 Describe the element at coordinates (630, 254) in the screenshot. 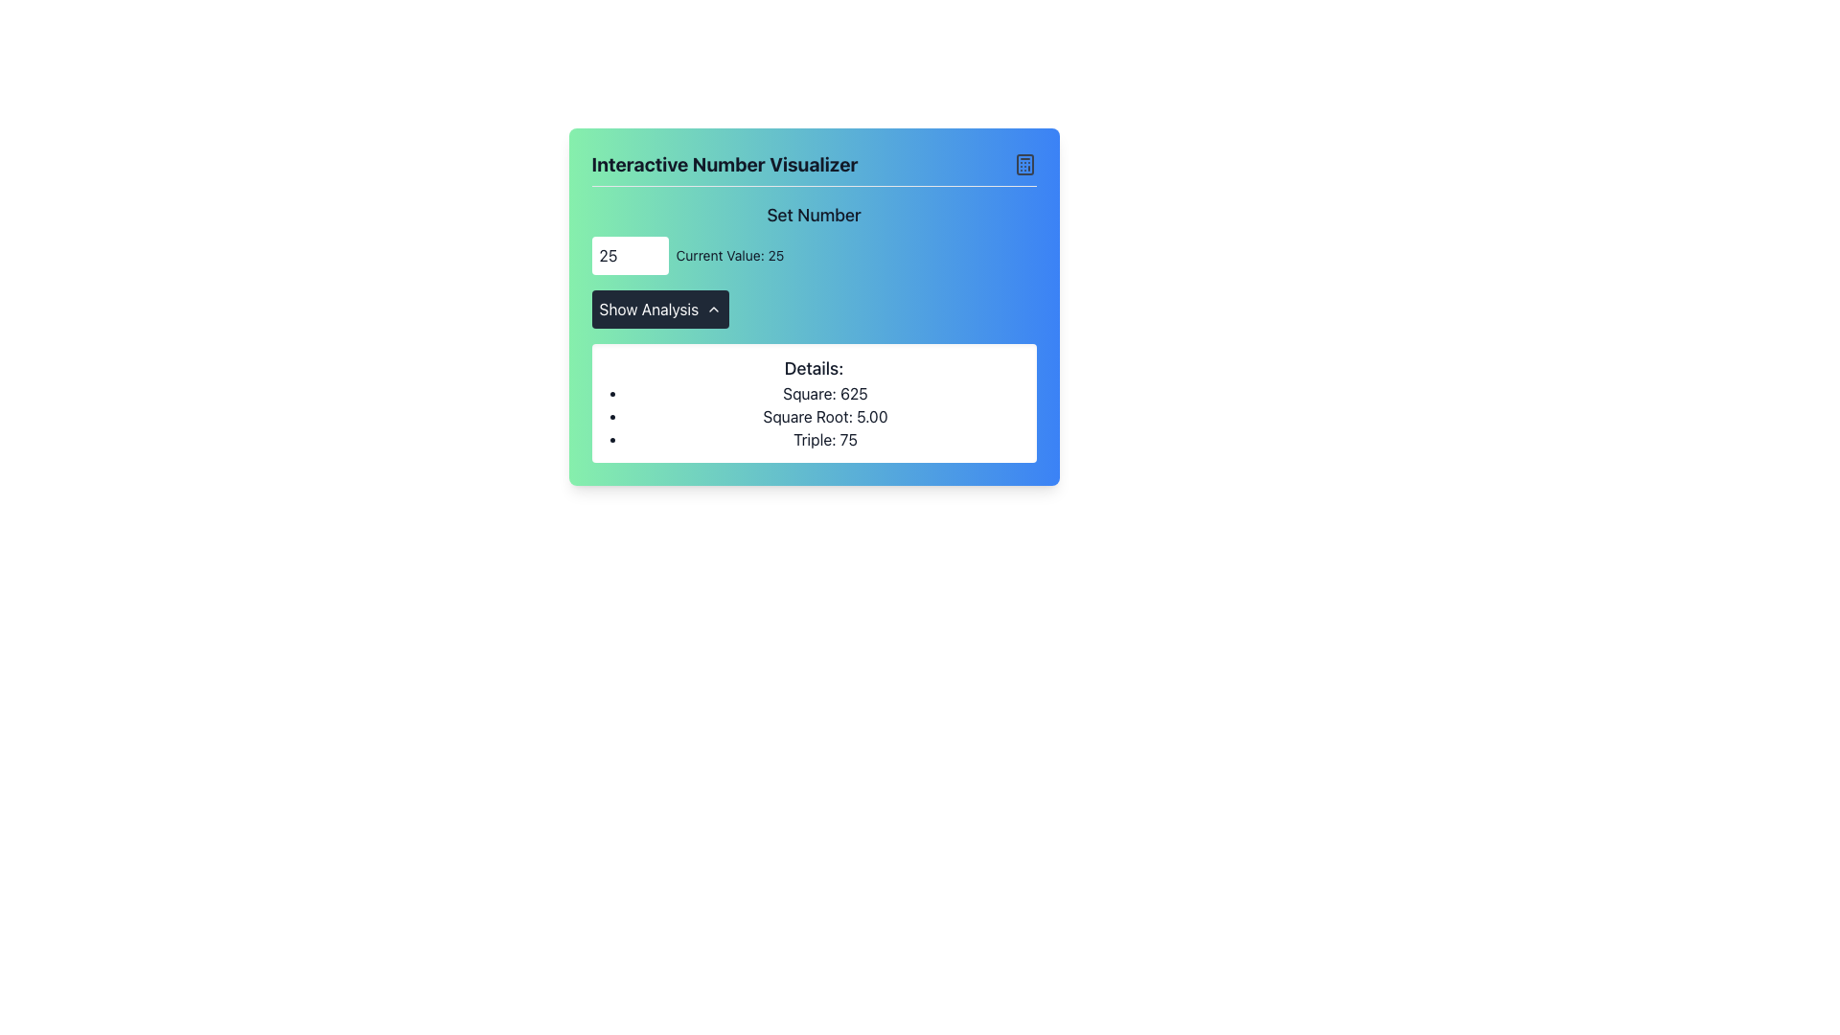

I see `the number input field located at the top left of the user interface` at that location.